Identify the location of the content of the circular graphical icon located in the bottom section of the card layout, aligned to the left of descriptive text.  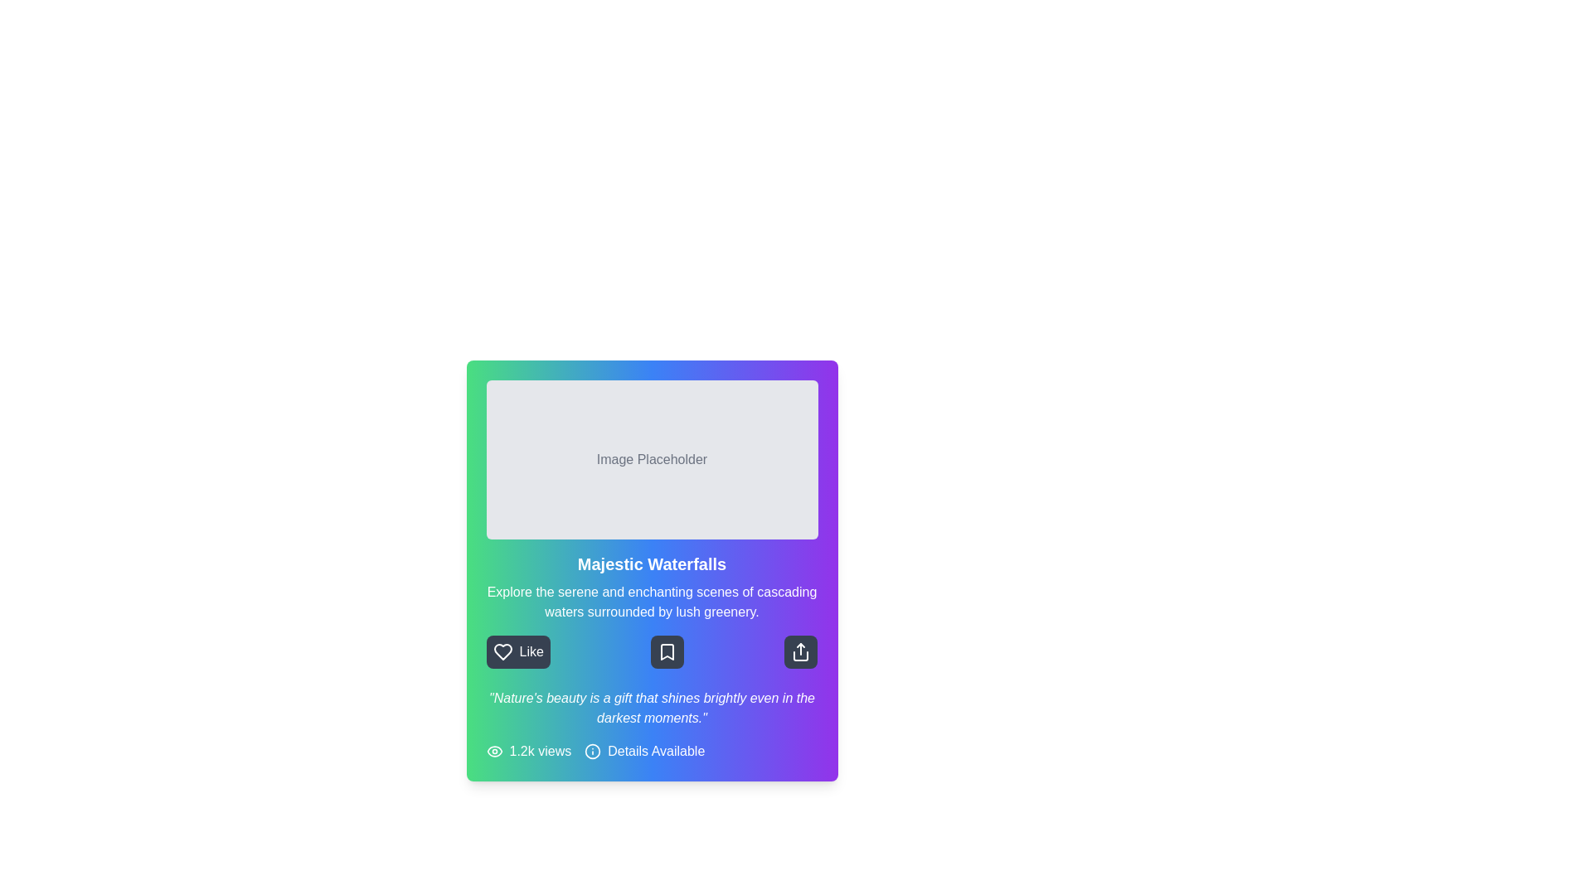
(593, 751).